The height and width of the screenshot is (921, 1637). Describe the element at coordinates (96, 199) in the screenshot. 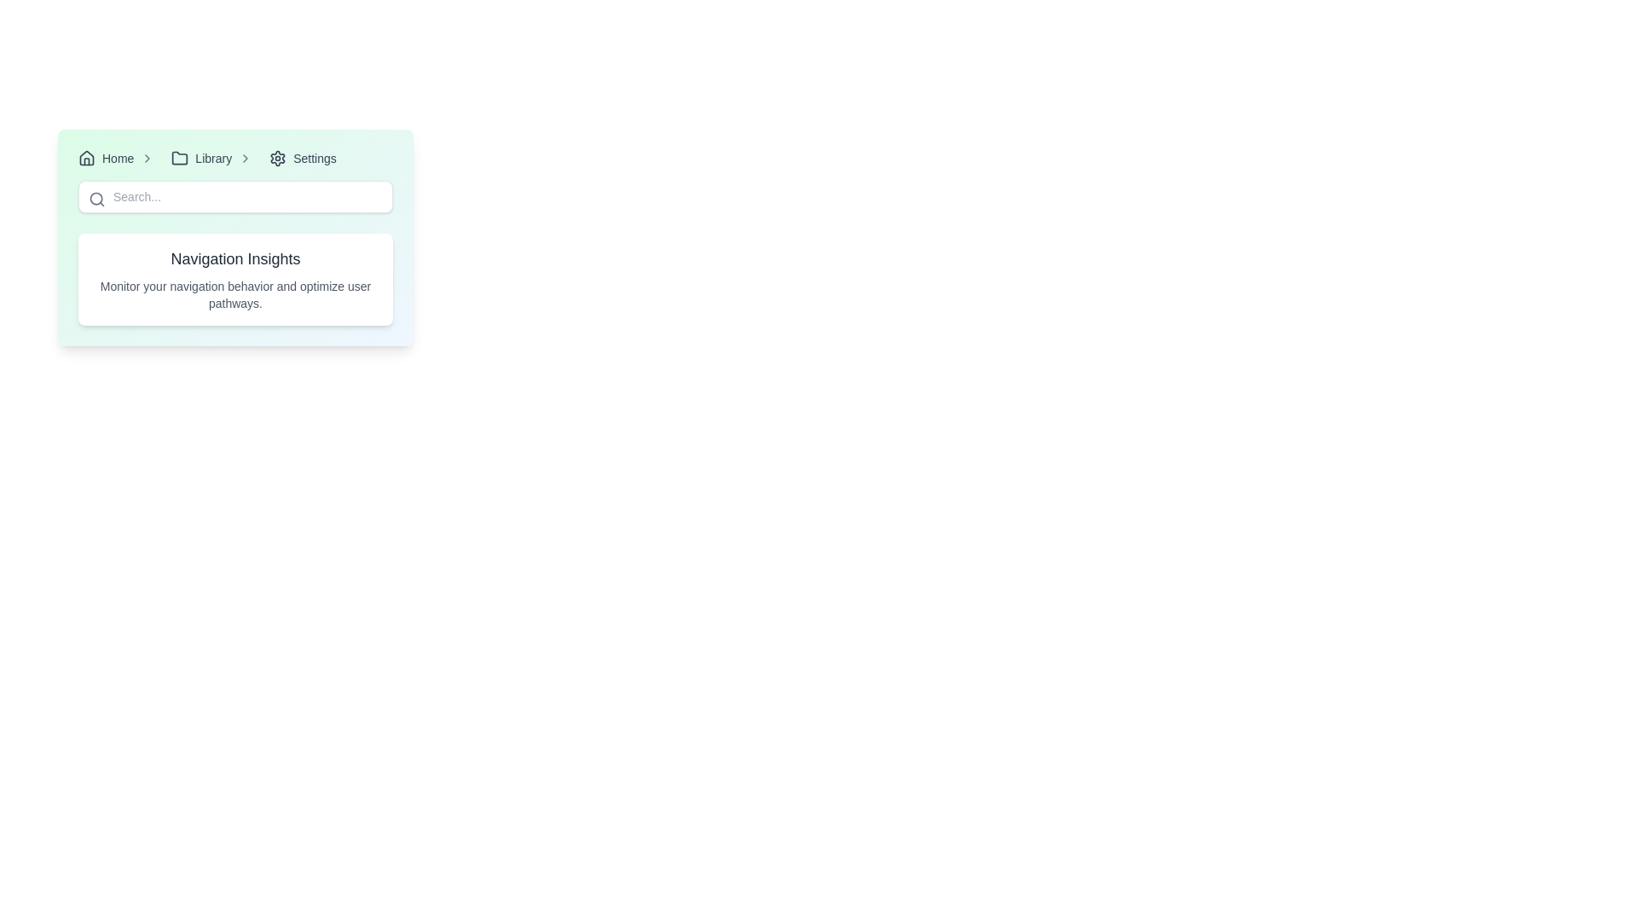

I see `the search icon located inside the search input field towards the left side to initiate a search action` at that location.